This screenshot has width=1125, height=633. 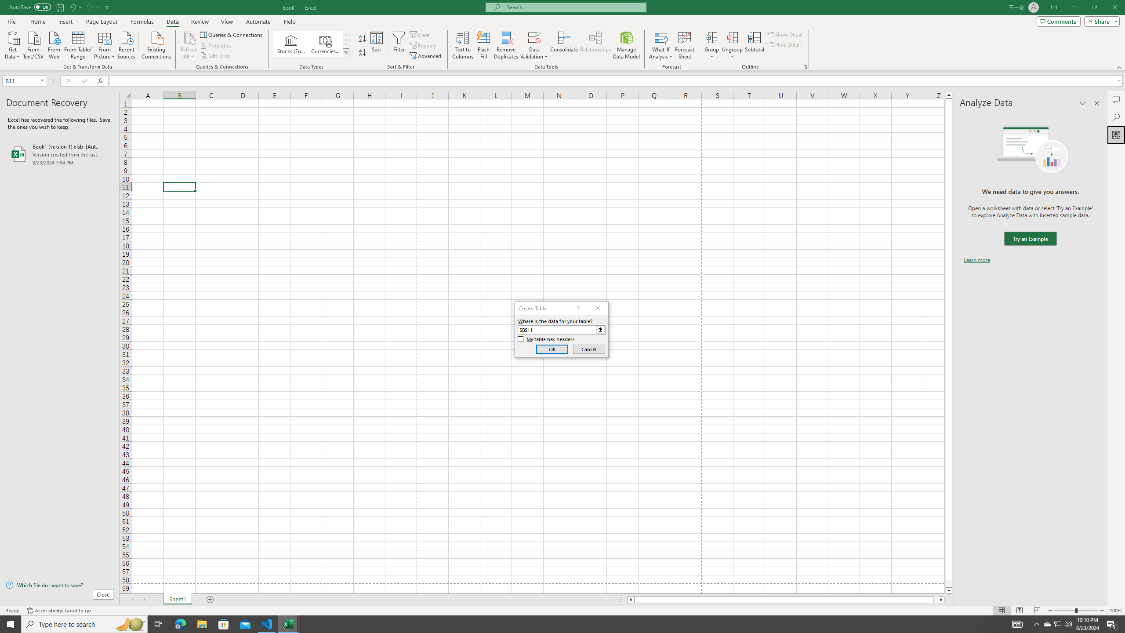 What do you see at coordinates (1096, 103) in the screenshot?
I see `'Close pane'` at bounding box center [1096, 103].